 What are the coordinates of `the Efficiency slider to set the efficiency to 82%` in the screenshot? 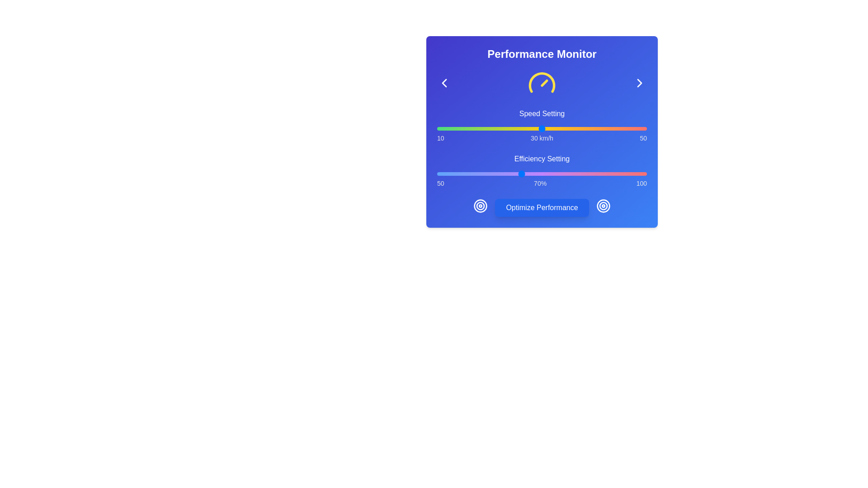 It's located at (571, 174).